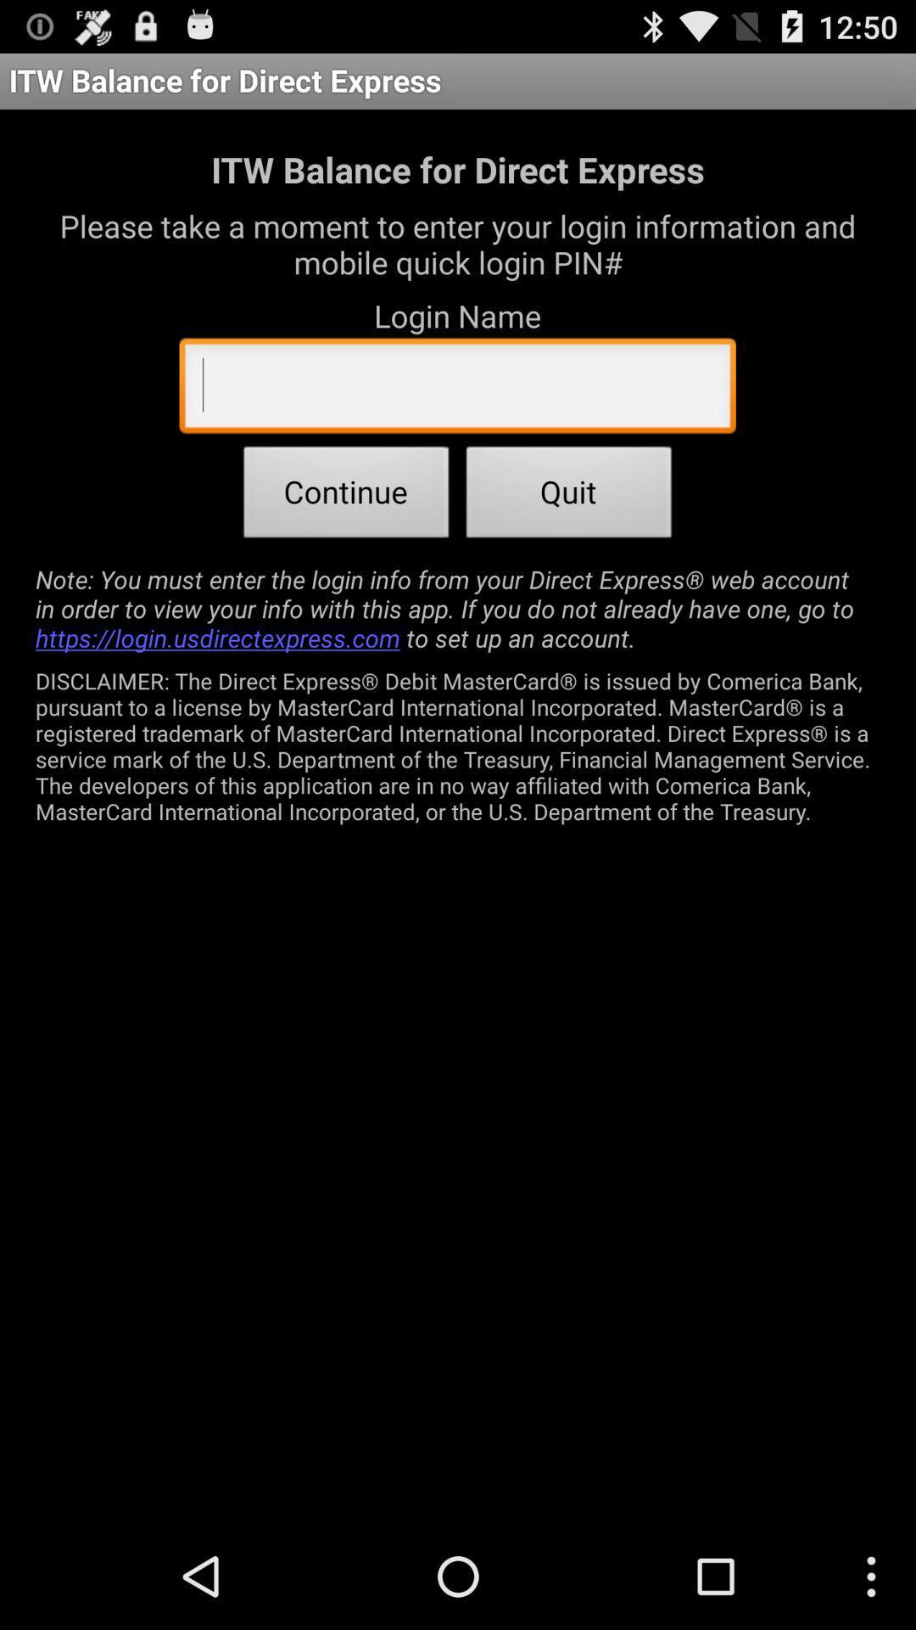  Describe the element at coordinates (458, 608) in the screenshot. I see `the icon above disclaimer the direct` at that location.